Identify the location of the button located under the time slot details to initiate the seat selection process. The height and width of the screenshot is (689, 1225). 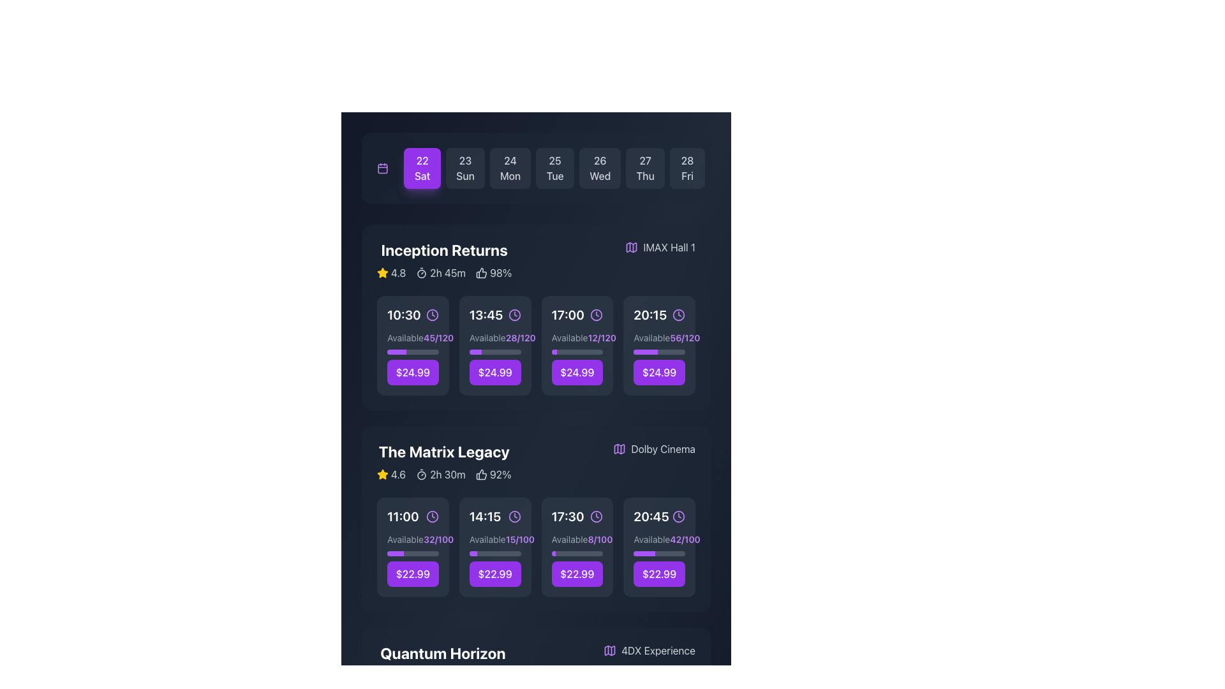
(494, 546).